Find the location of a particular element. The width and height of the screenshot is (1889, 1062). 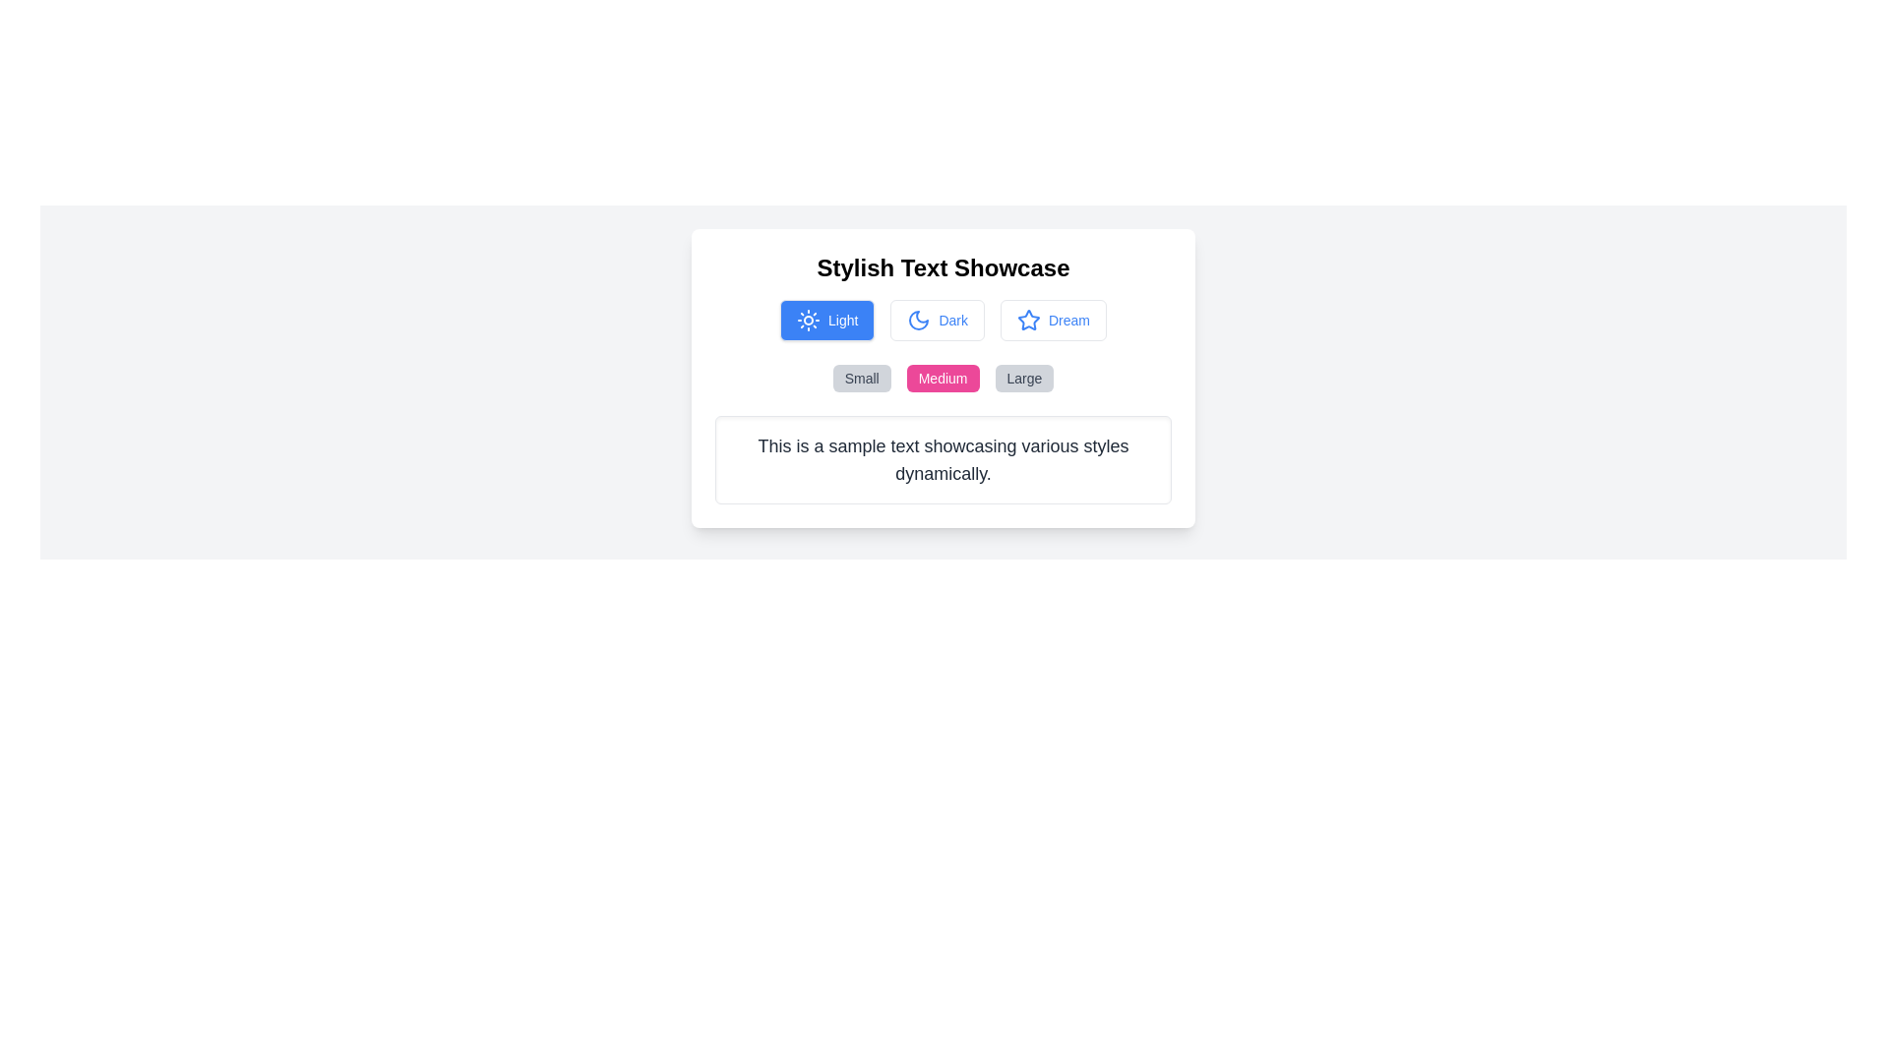

the interactive text label labeled 'Dream', which is styled with a blue font color and positioned next to a star icon in the central part of the interface is located at coordinates (1067, 320).